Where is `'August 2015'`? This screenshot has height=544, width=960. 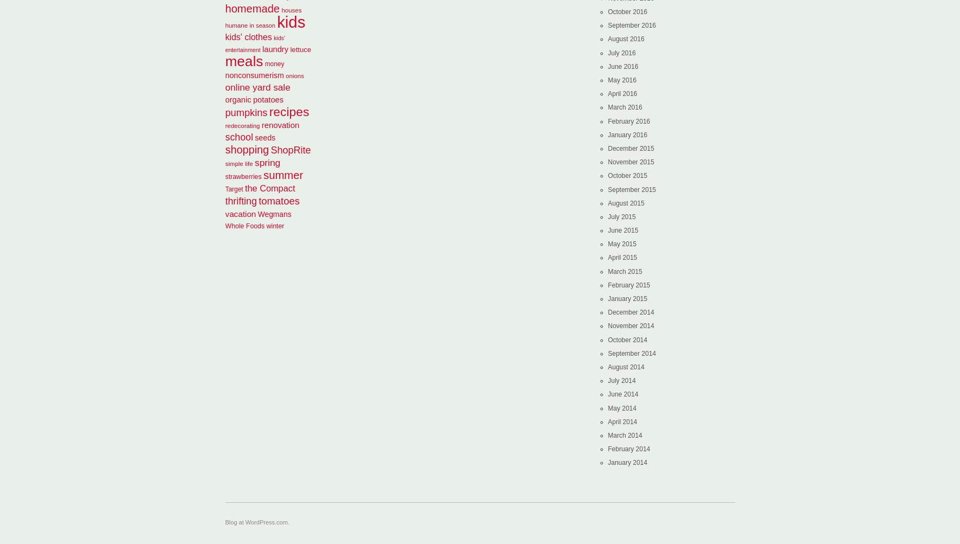
'August 2015' is located at coordinates (626, 202).